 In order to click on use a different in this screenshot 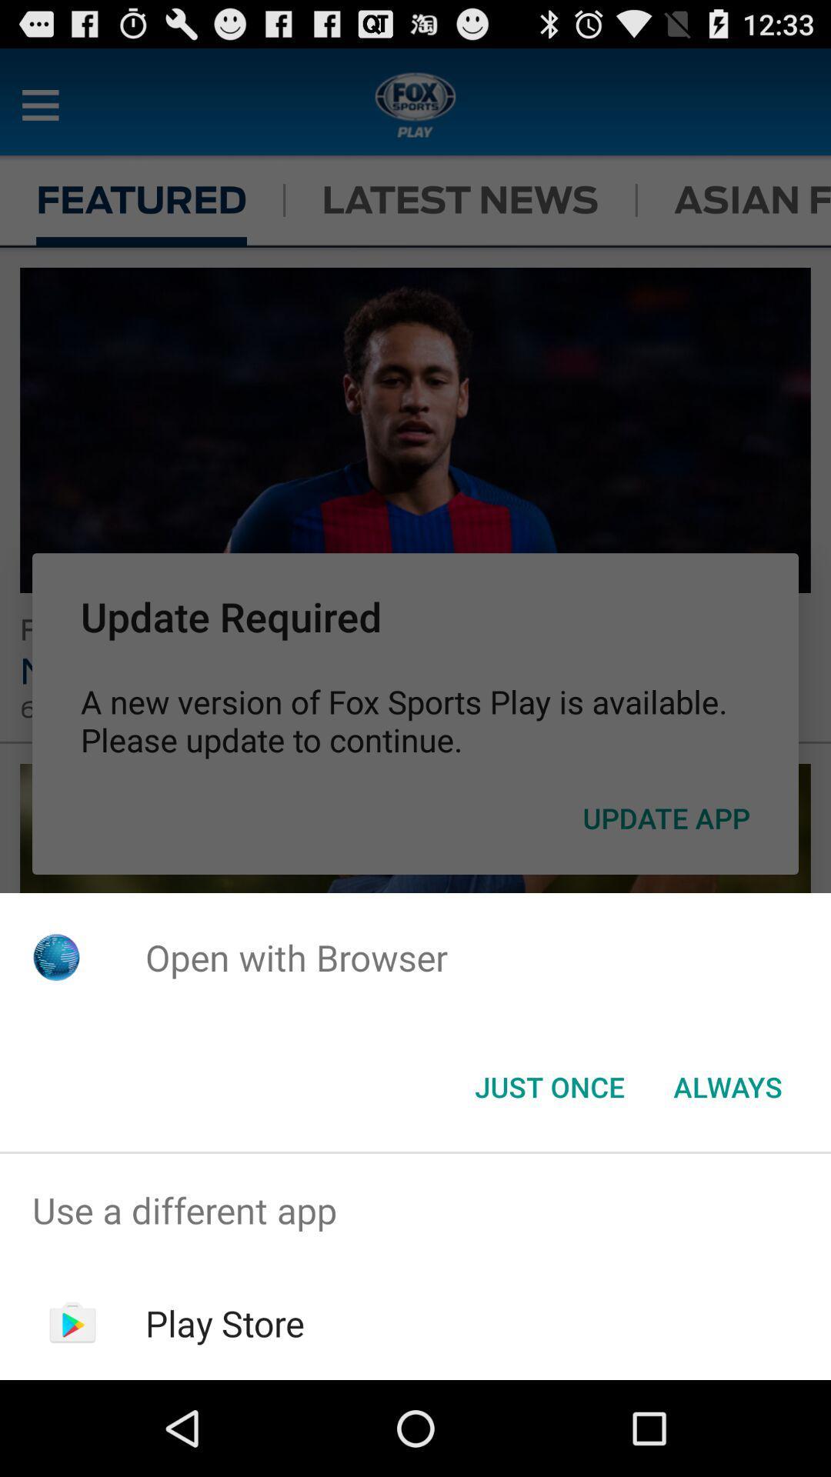, I will do `click(415, 1209)`.